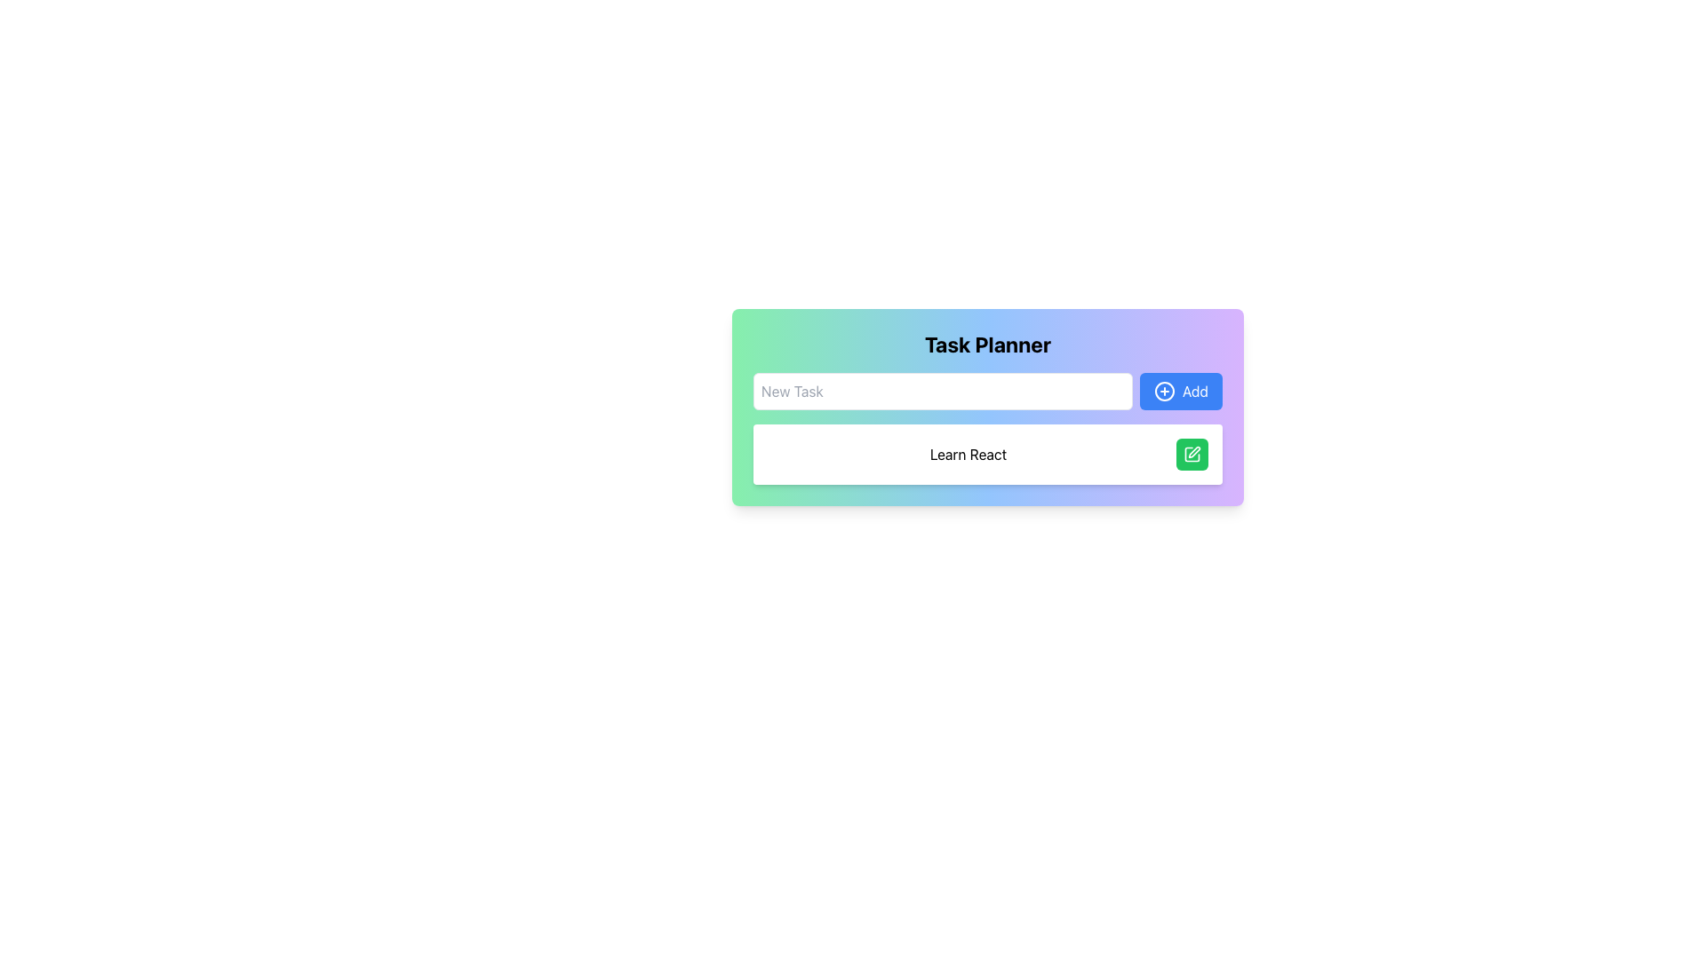  I want to click on the green circular button containing the SVG icon, so click(1192, 454).